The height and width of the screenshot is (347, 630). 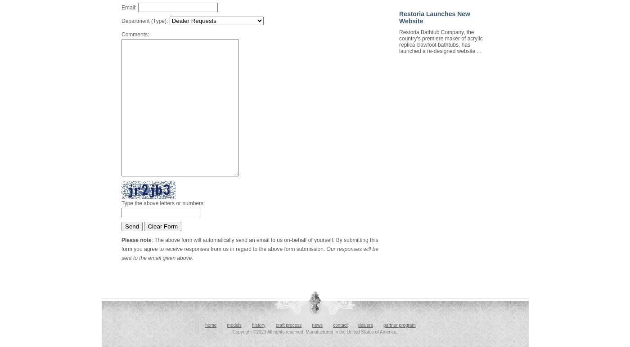 What do you see at coordinates (121, 8) in the screenshot?
I see `'Email:'` at bounding box center [121, 8].